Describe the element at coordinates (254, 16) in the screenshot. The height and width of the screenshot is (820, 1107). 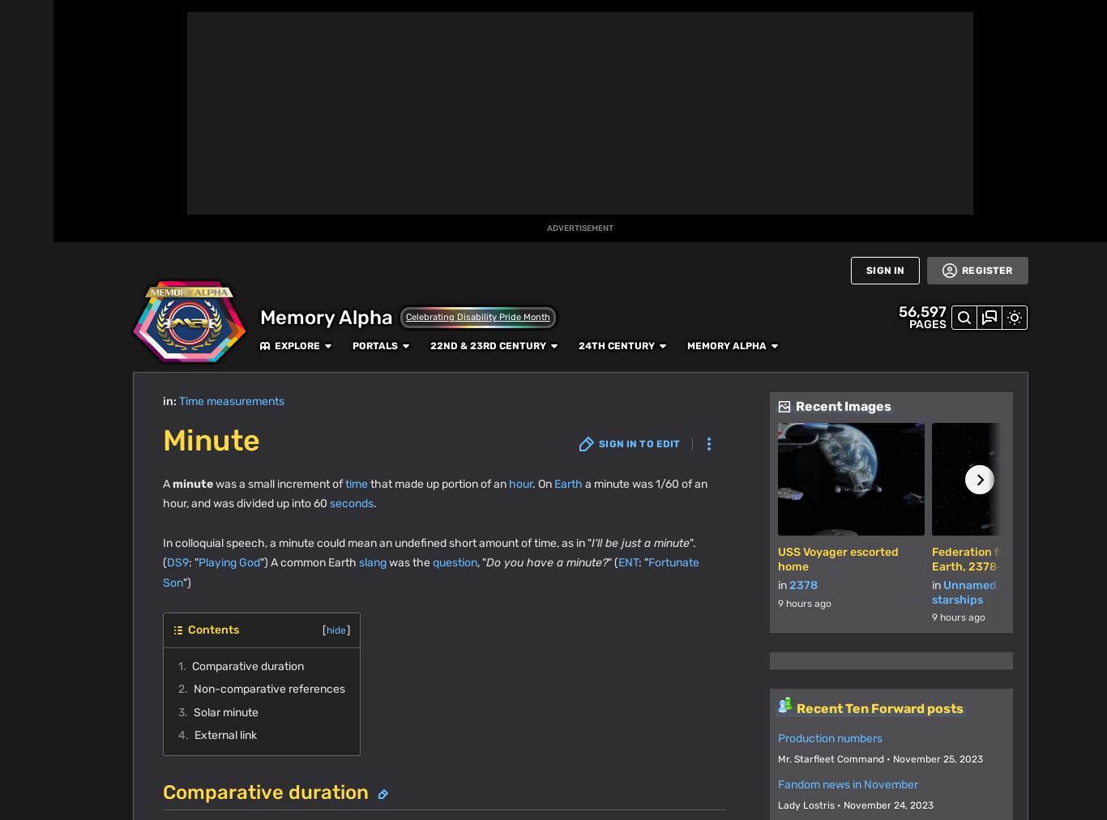
I see `'Explore'` at that location.